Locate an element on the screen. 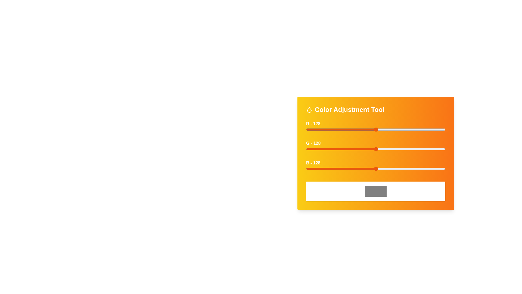 The width and height of the screenshot is (522, 294). the blue slider to set the blue intensity to 254 is located at coordinates (445, 169).